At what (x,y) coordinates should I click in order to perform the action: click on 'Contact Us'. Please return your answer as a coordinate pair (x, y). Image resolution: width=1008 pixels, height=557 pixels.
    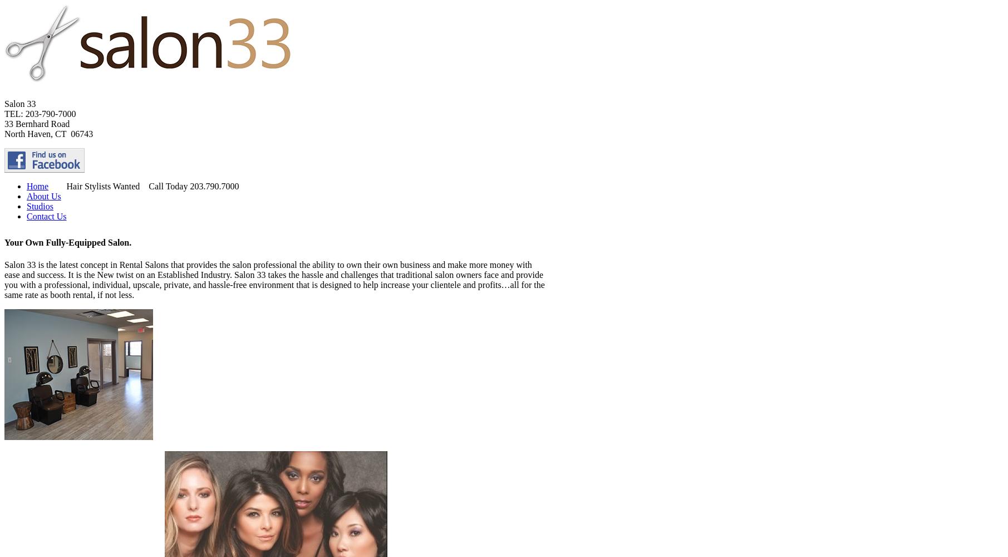
    Looking at the image, I should click on (46, 216).